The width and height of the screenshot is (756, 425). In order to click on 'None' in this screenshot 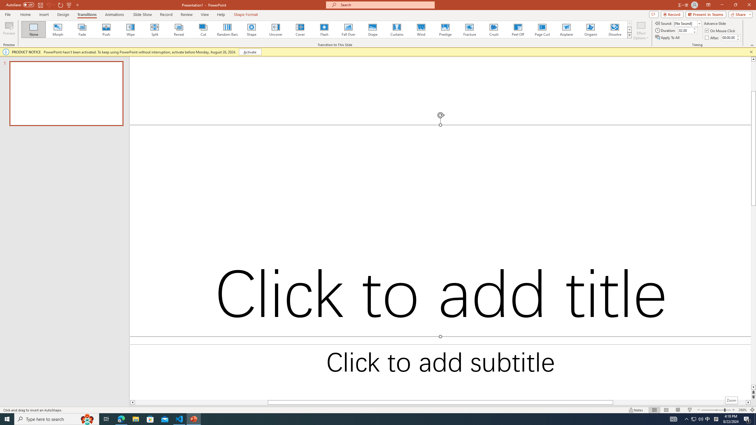, I will do `click(34, 29)`.